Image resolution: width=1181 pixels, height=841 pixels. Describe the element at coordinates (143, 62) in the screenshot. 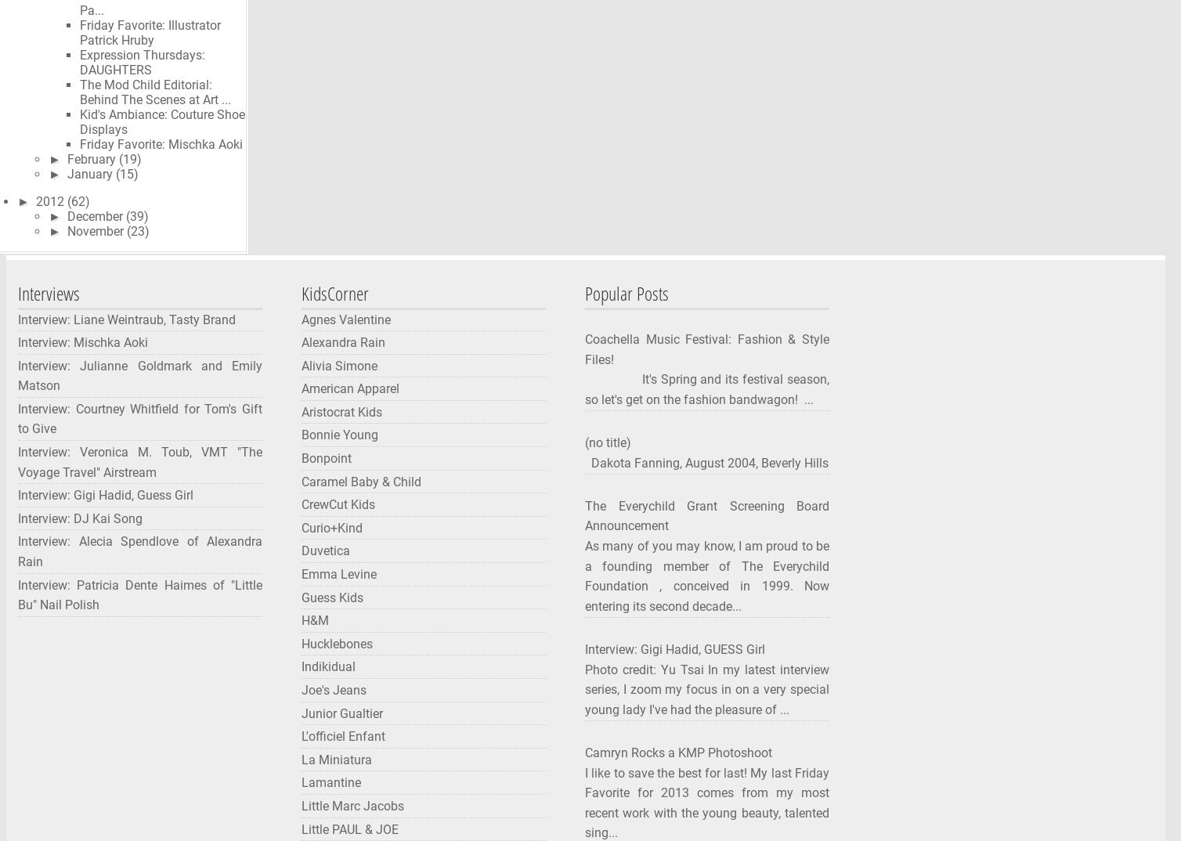

I see `'Expression Thursdays: DAUGHTERS'` at that location.